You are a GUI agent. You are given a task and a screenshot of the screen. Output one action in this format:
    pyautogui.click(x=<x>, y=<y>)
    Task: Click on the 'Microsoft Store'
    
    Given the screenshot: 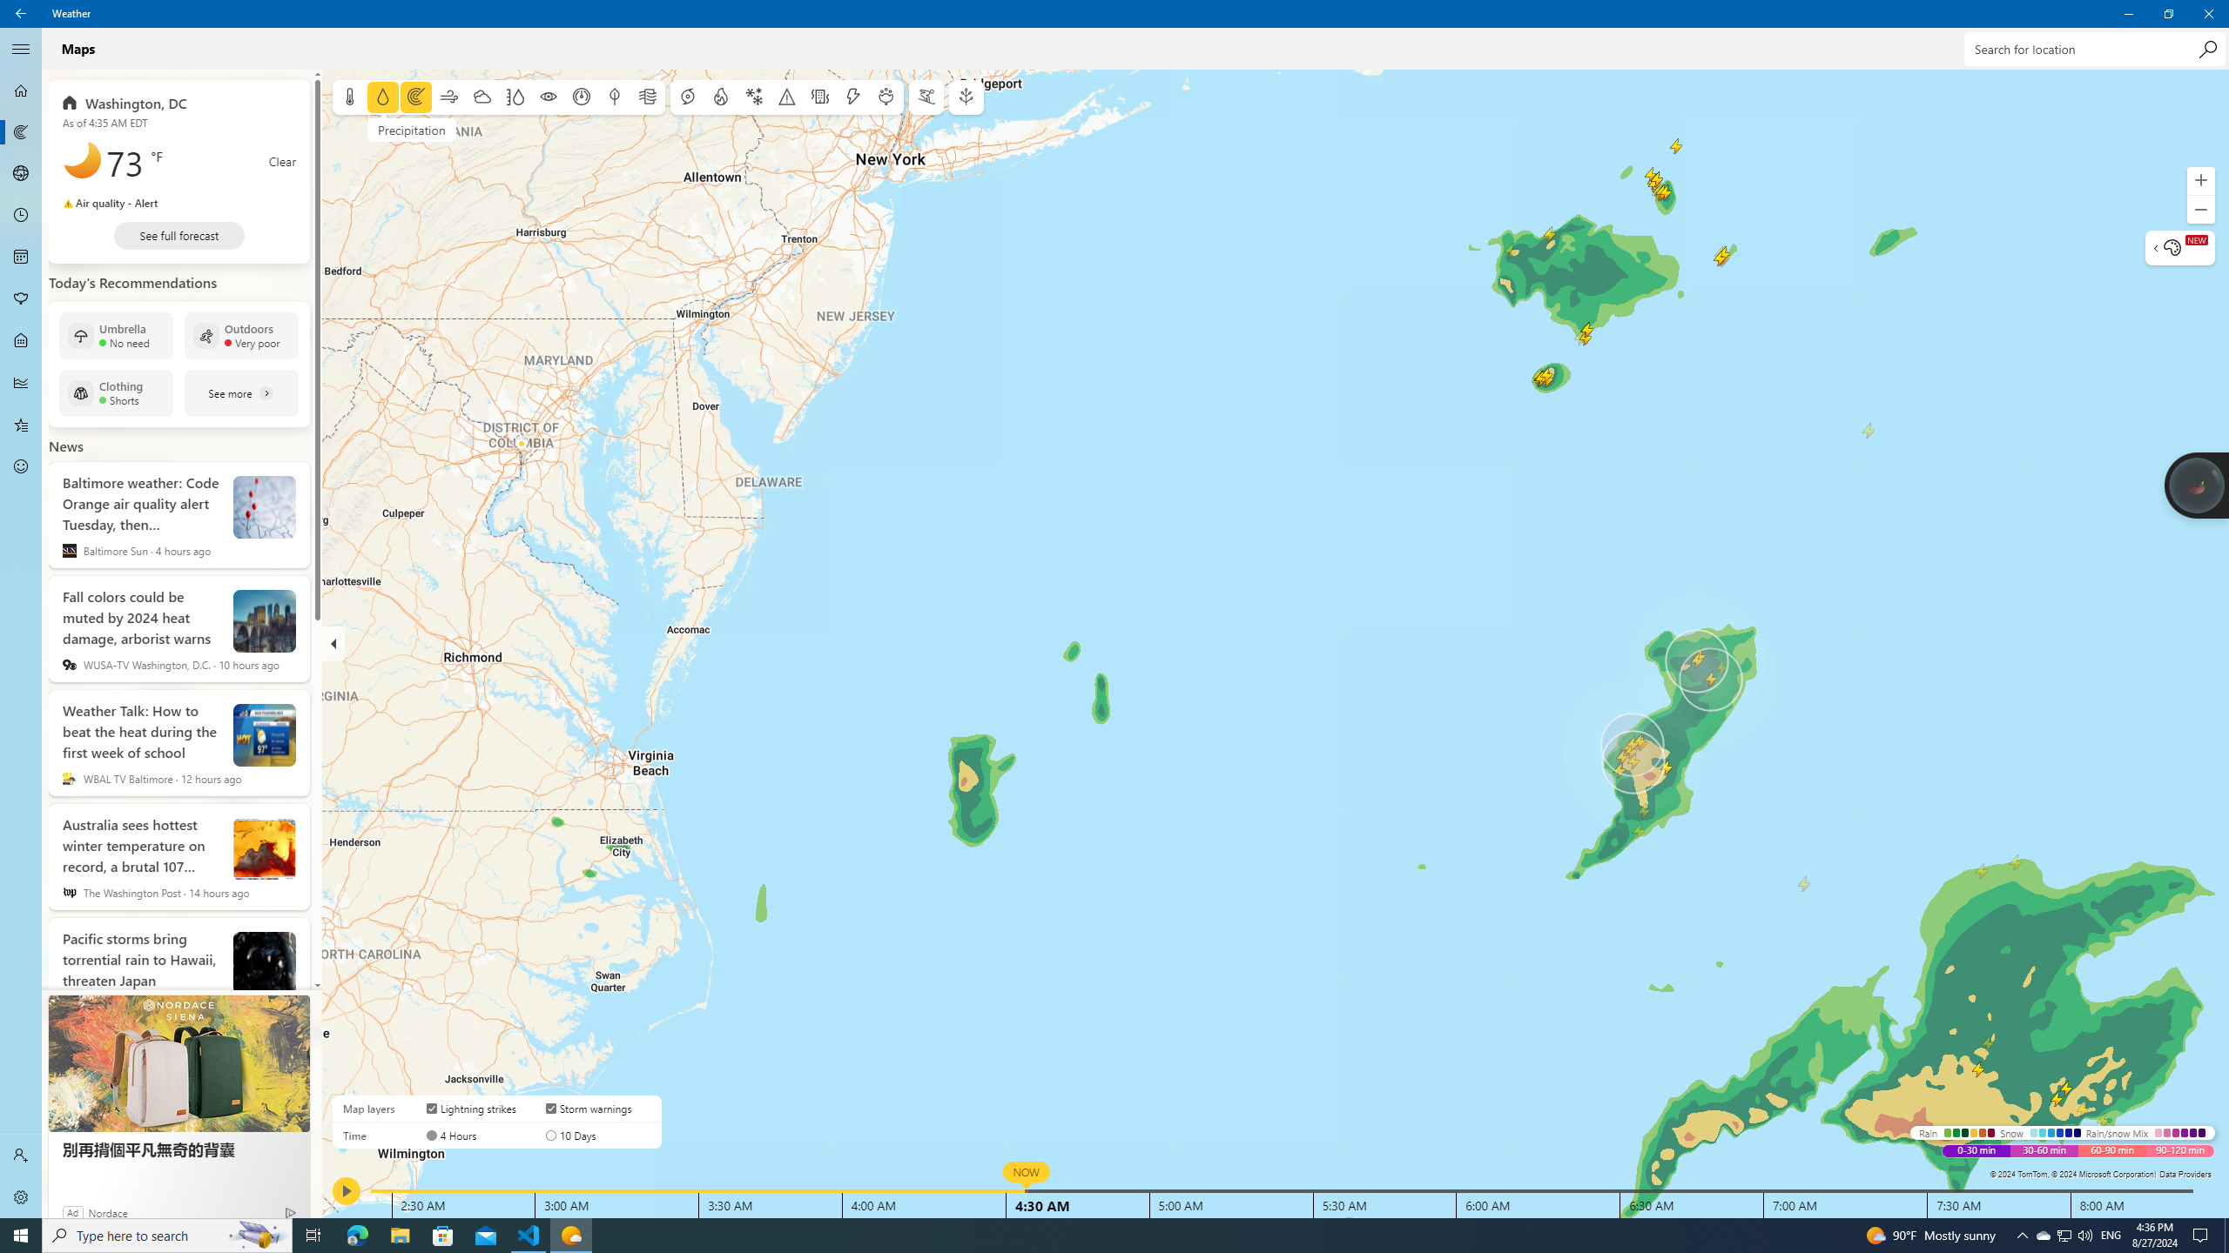 What is the action you would take?
    pyautogui.click(x=443, y=1234)
    